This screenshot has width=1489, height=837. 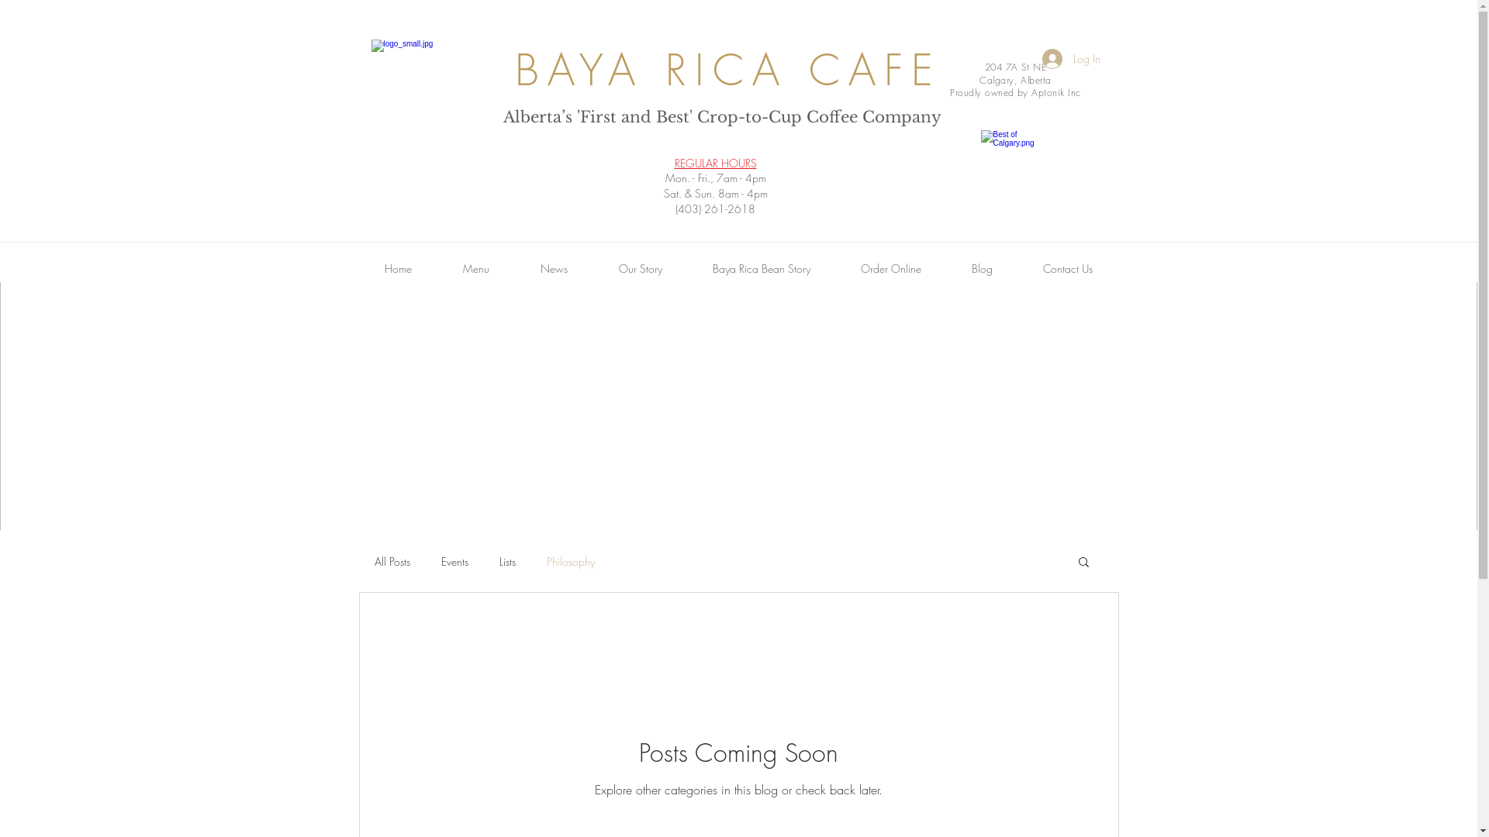 I want to click on 'Blog', so click(x=981, y=268).